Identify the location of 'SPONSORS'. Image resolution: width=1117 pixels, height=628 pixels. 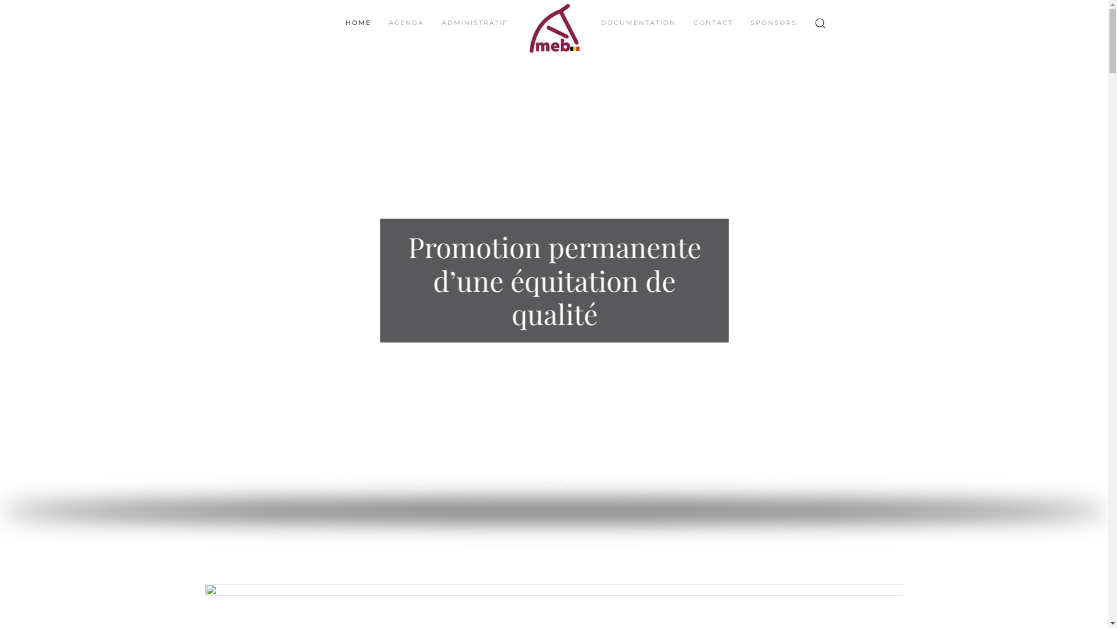
(773, 23).